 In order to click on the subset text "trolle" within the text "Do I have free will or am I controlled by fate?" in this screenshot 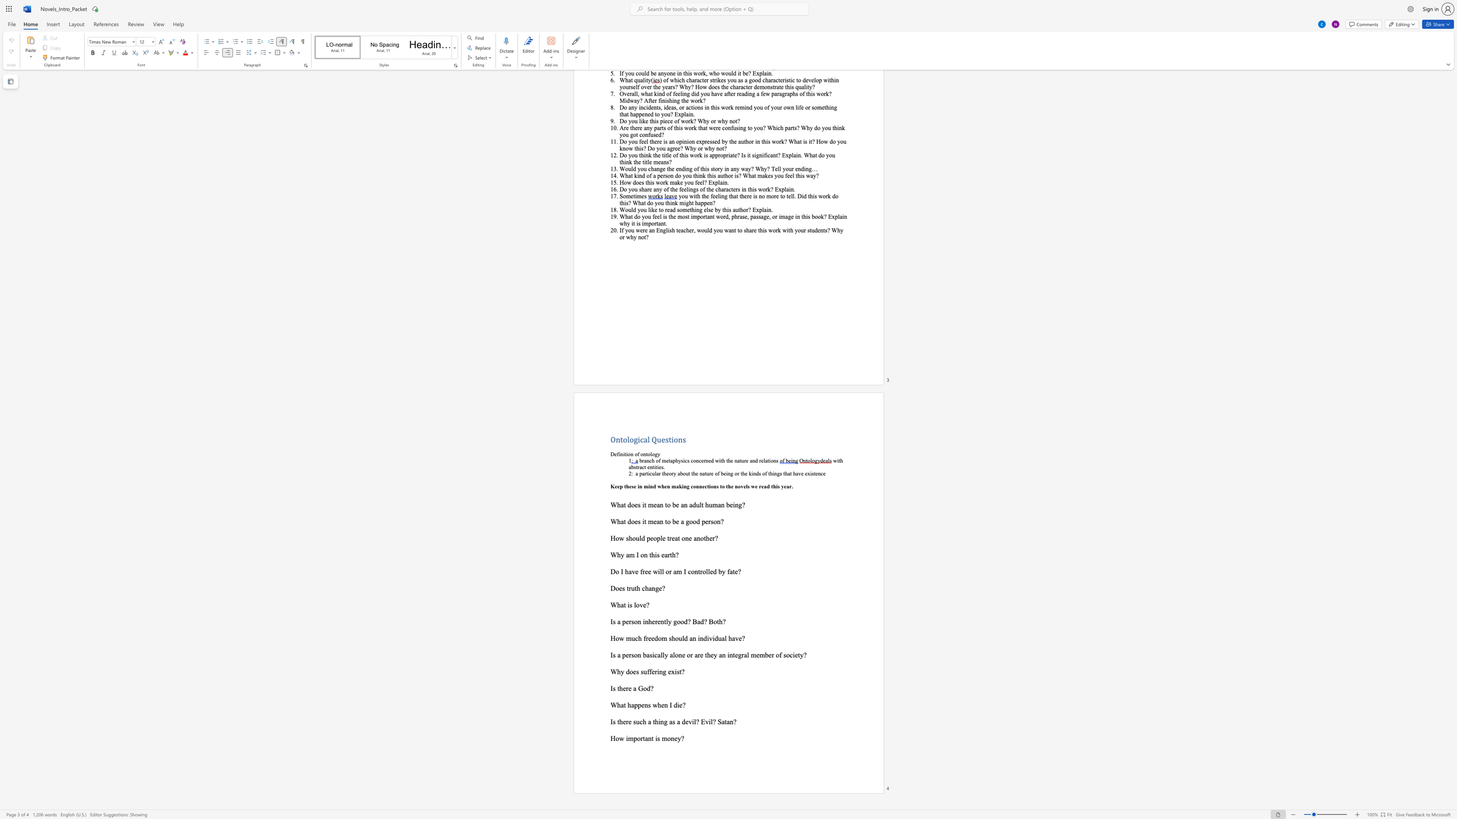, I will do `click(698, 571)`.